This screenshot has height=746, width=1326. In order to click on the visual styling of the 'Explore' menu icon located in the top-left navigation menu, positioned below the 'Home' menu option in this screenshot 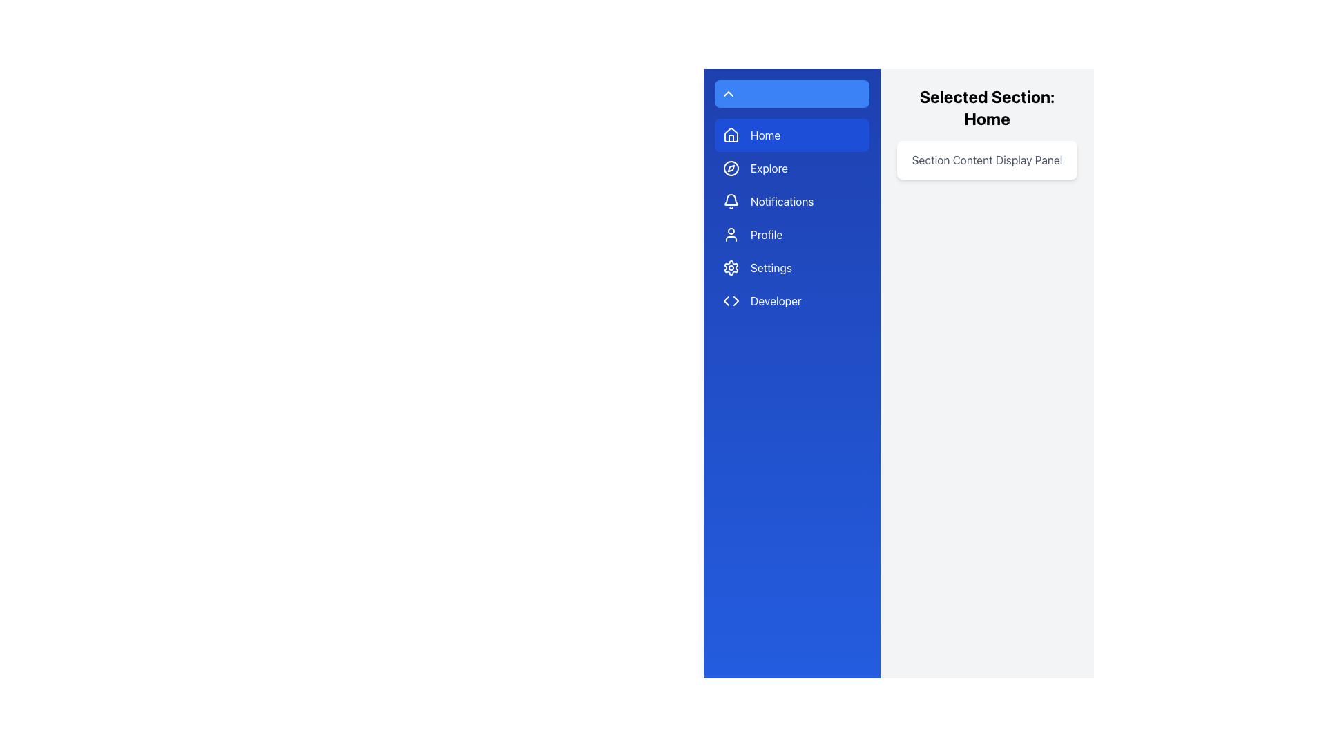, I will do `click(731, 167)`.